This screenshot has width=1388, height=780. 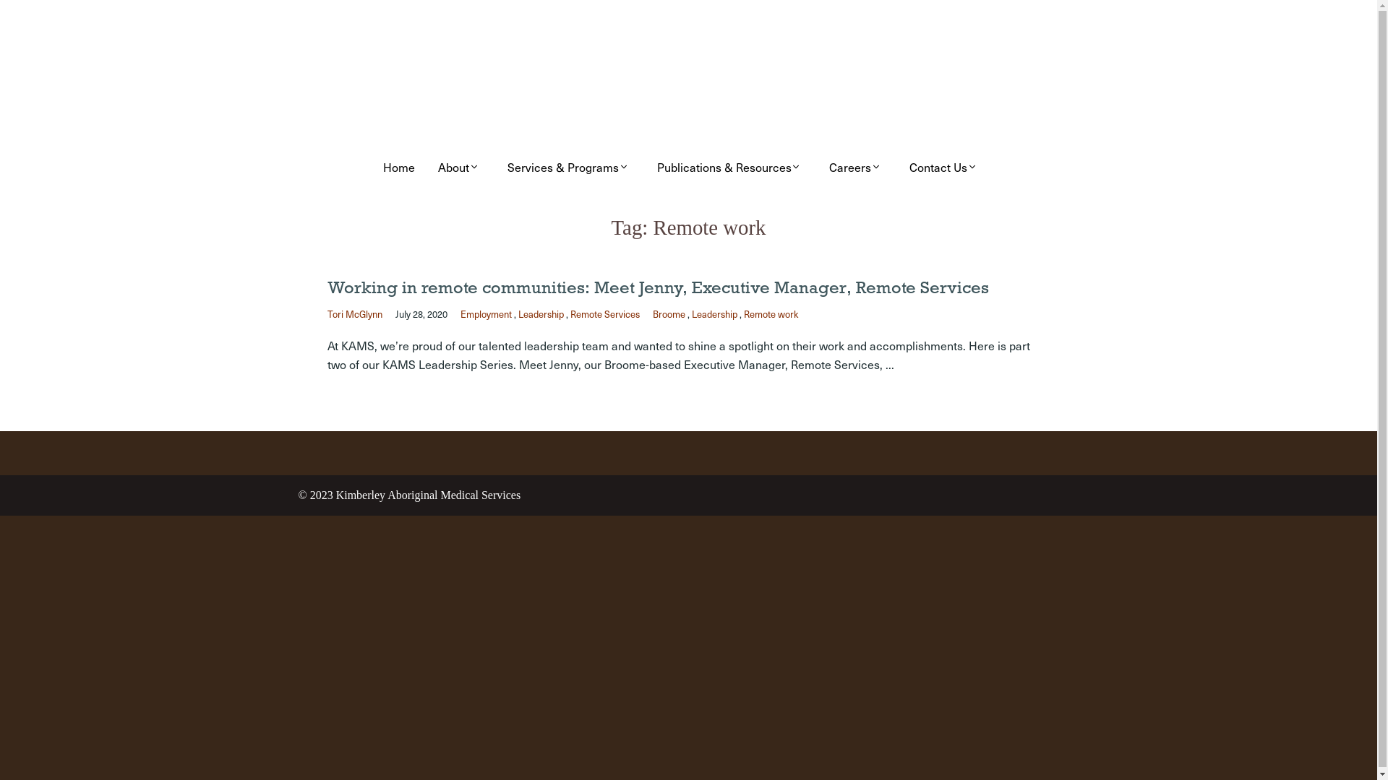 I want to click on 'Employment', so click(x=485, y=313).